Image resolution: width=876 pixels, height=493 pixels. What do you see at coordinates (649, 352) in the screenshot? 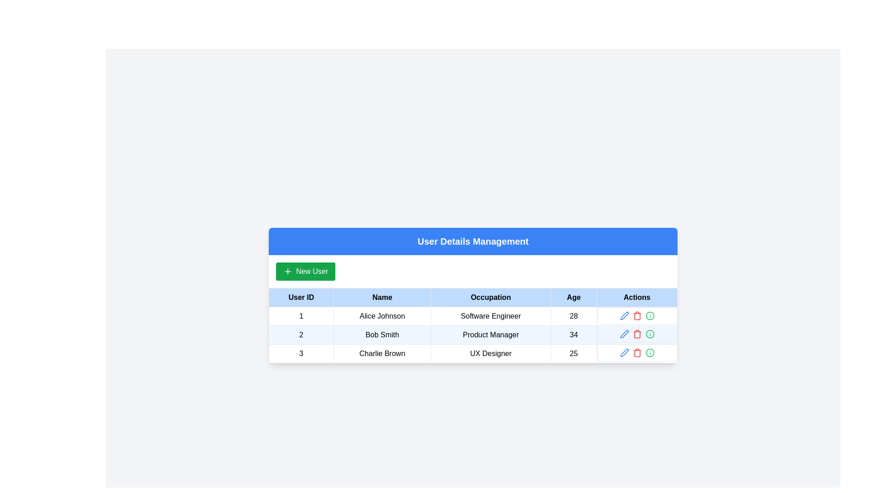
I see `the informational icon button, which is a small green circular icon with a hollow center and an 'i' symbol, located` at bounding box center [649, 352].